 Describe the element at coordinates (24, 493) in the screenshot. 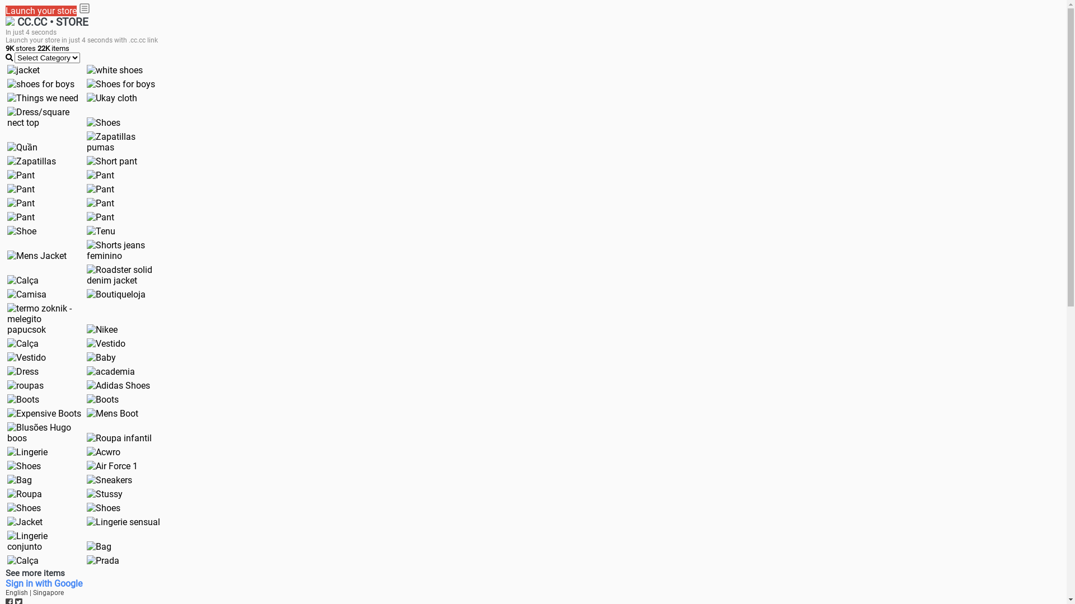

I see `'Roupa'` at that location.